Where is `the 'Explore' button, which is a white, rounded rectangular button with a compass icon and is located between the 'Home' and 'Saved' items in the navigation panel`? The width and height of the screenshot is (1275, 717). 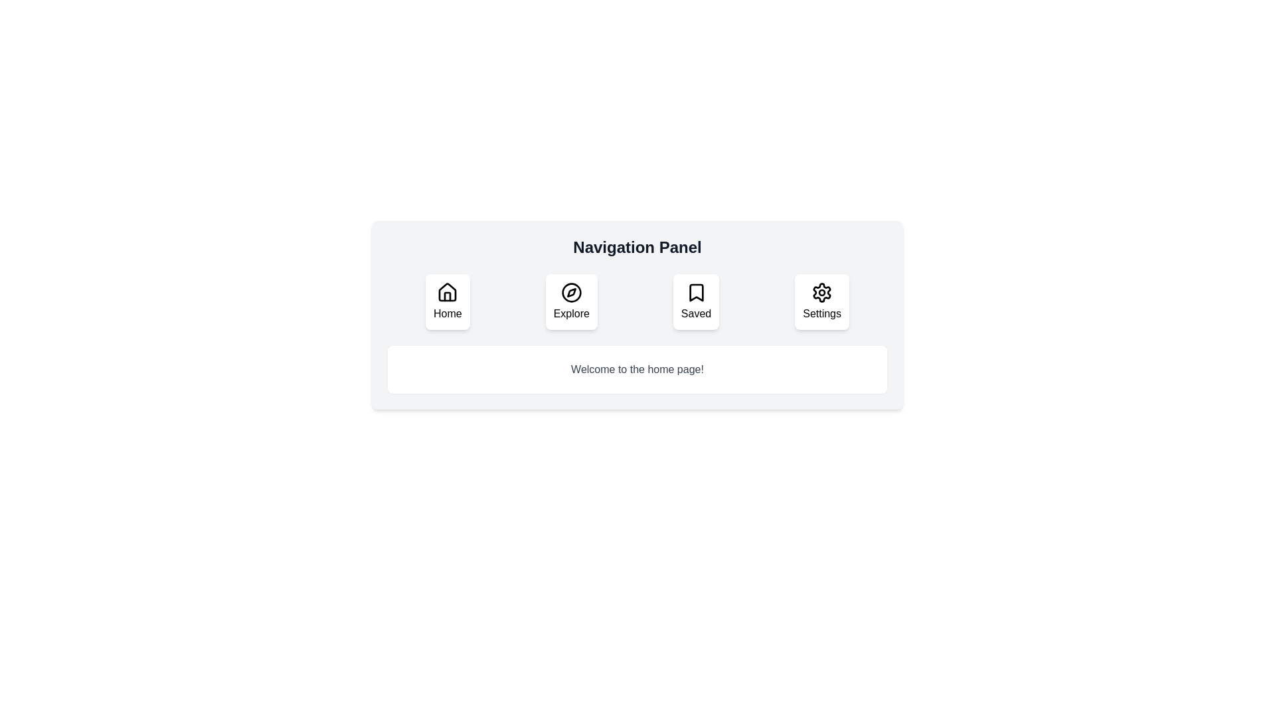 the 'Explore' button, which is a white, rounded rectangular button with a compass icon and is located between the 'Home' and 'Saved' items in the navigation panel is located at coordinates (571, 302).